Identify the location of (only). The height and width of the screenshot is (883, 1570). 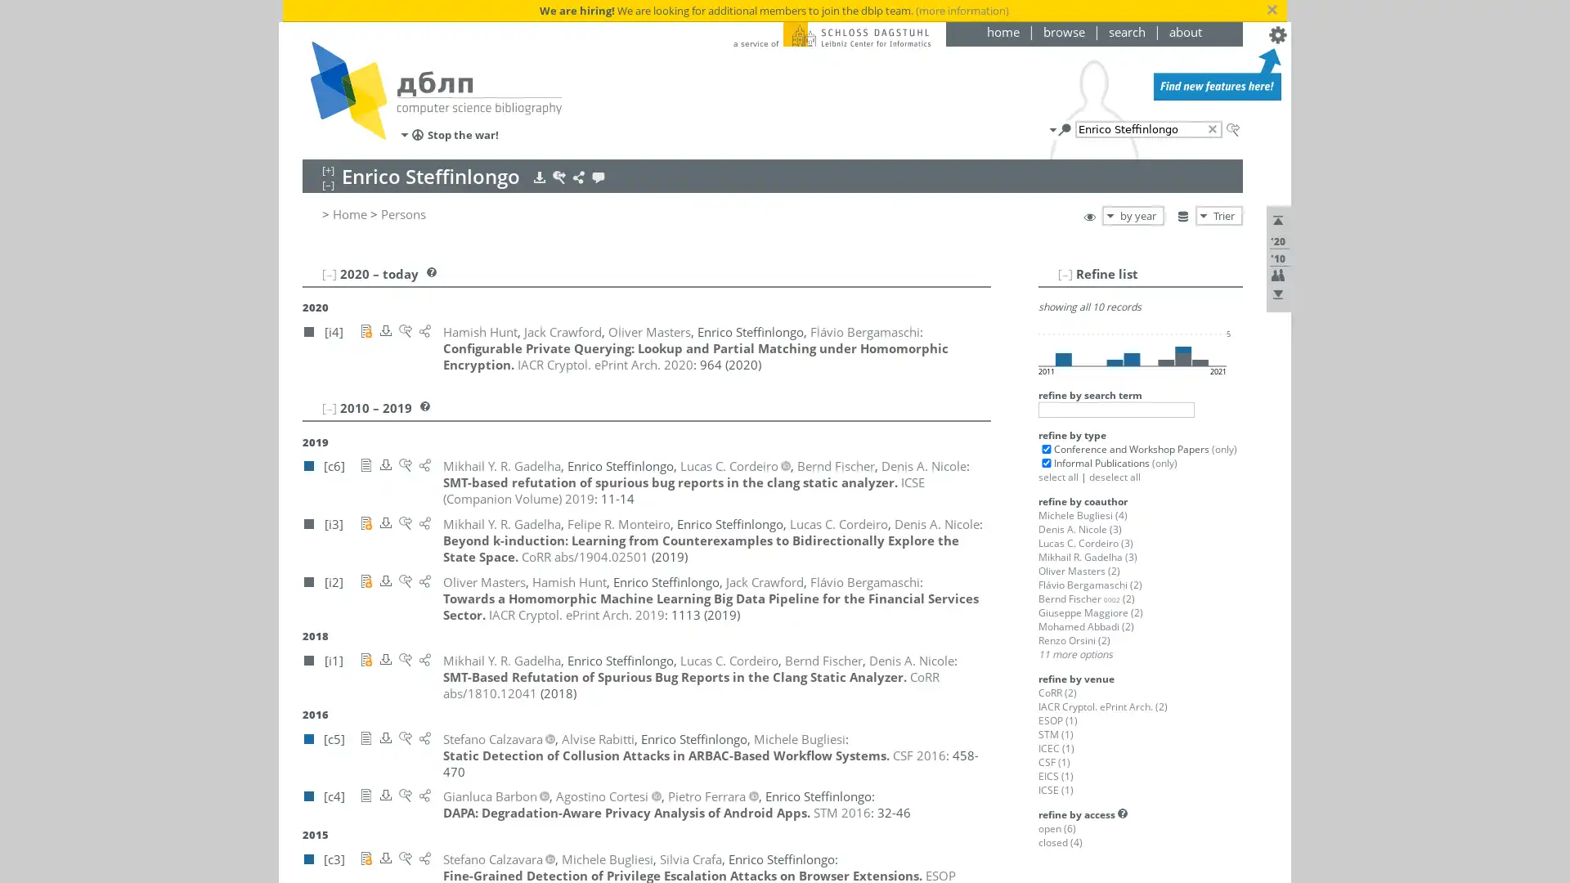
(1163, 463).